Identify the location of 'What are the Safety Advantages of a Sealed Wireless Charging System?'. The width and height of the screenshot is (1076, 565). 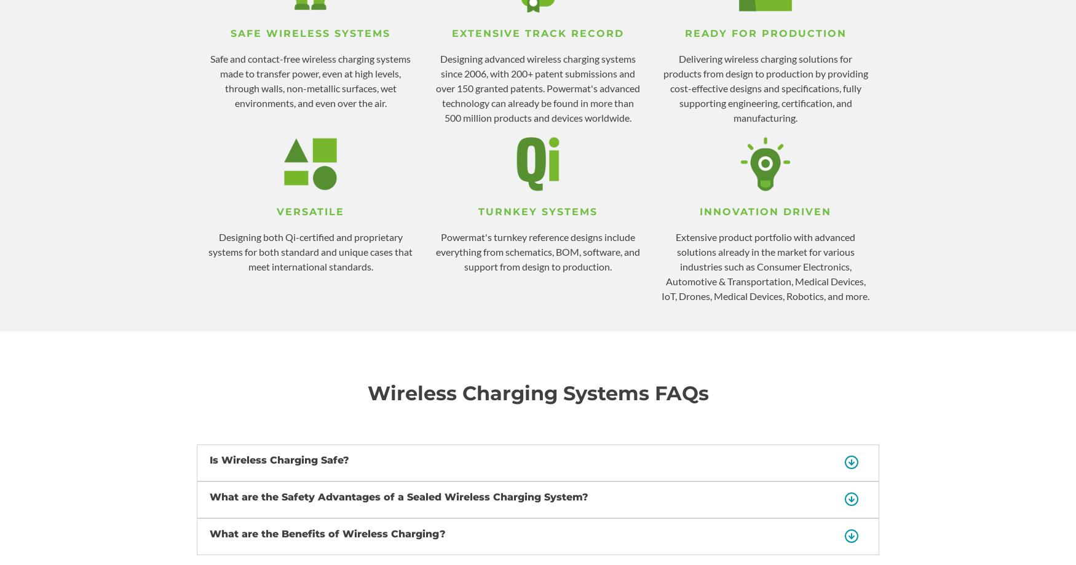
(398, 497).